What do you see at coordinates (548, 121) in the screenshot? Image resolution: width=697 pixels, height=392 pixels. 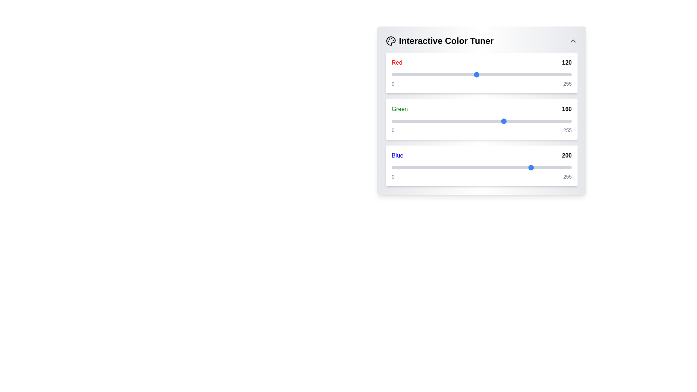 I see `the green color intensity` at bounding box center [548, 121].